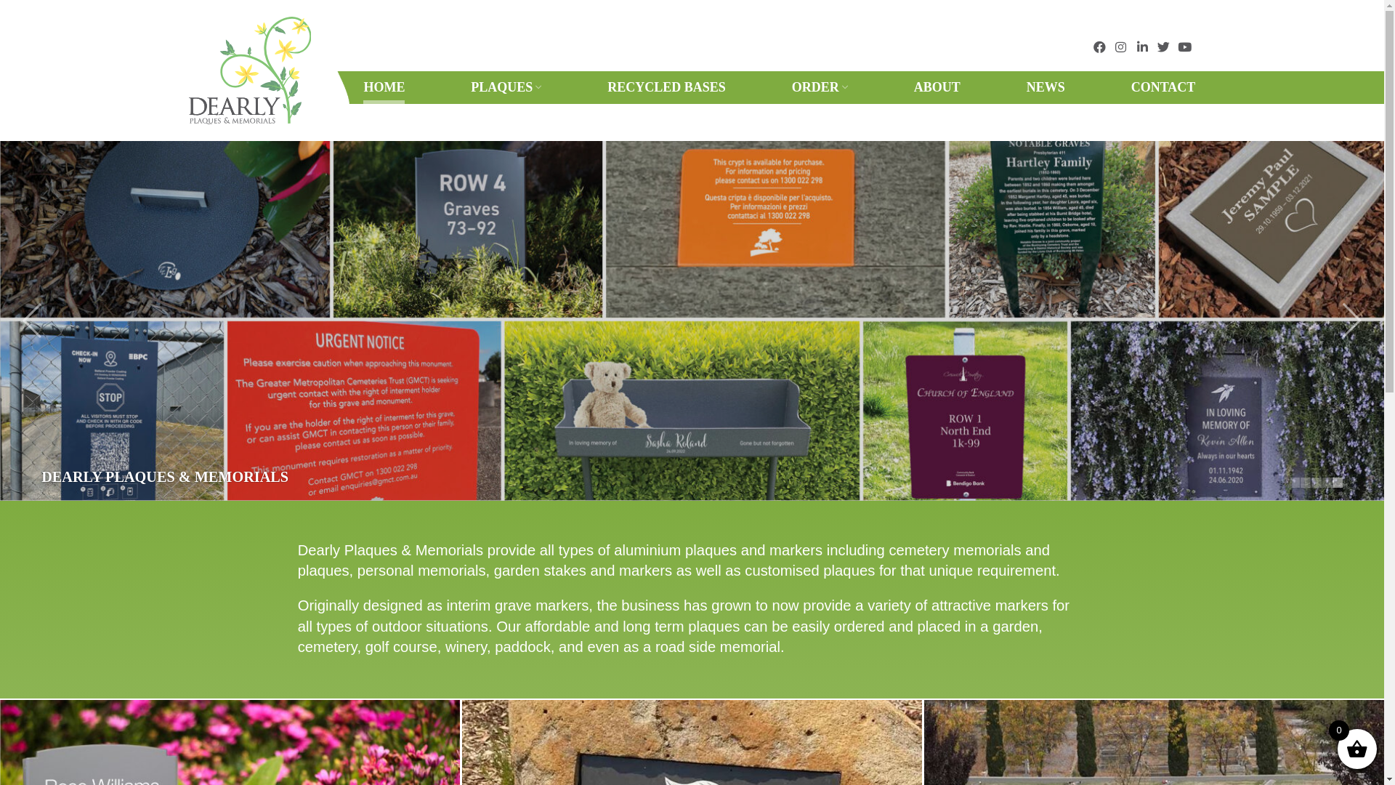  I want to click on '2', so click(1305, 482).